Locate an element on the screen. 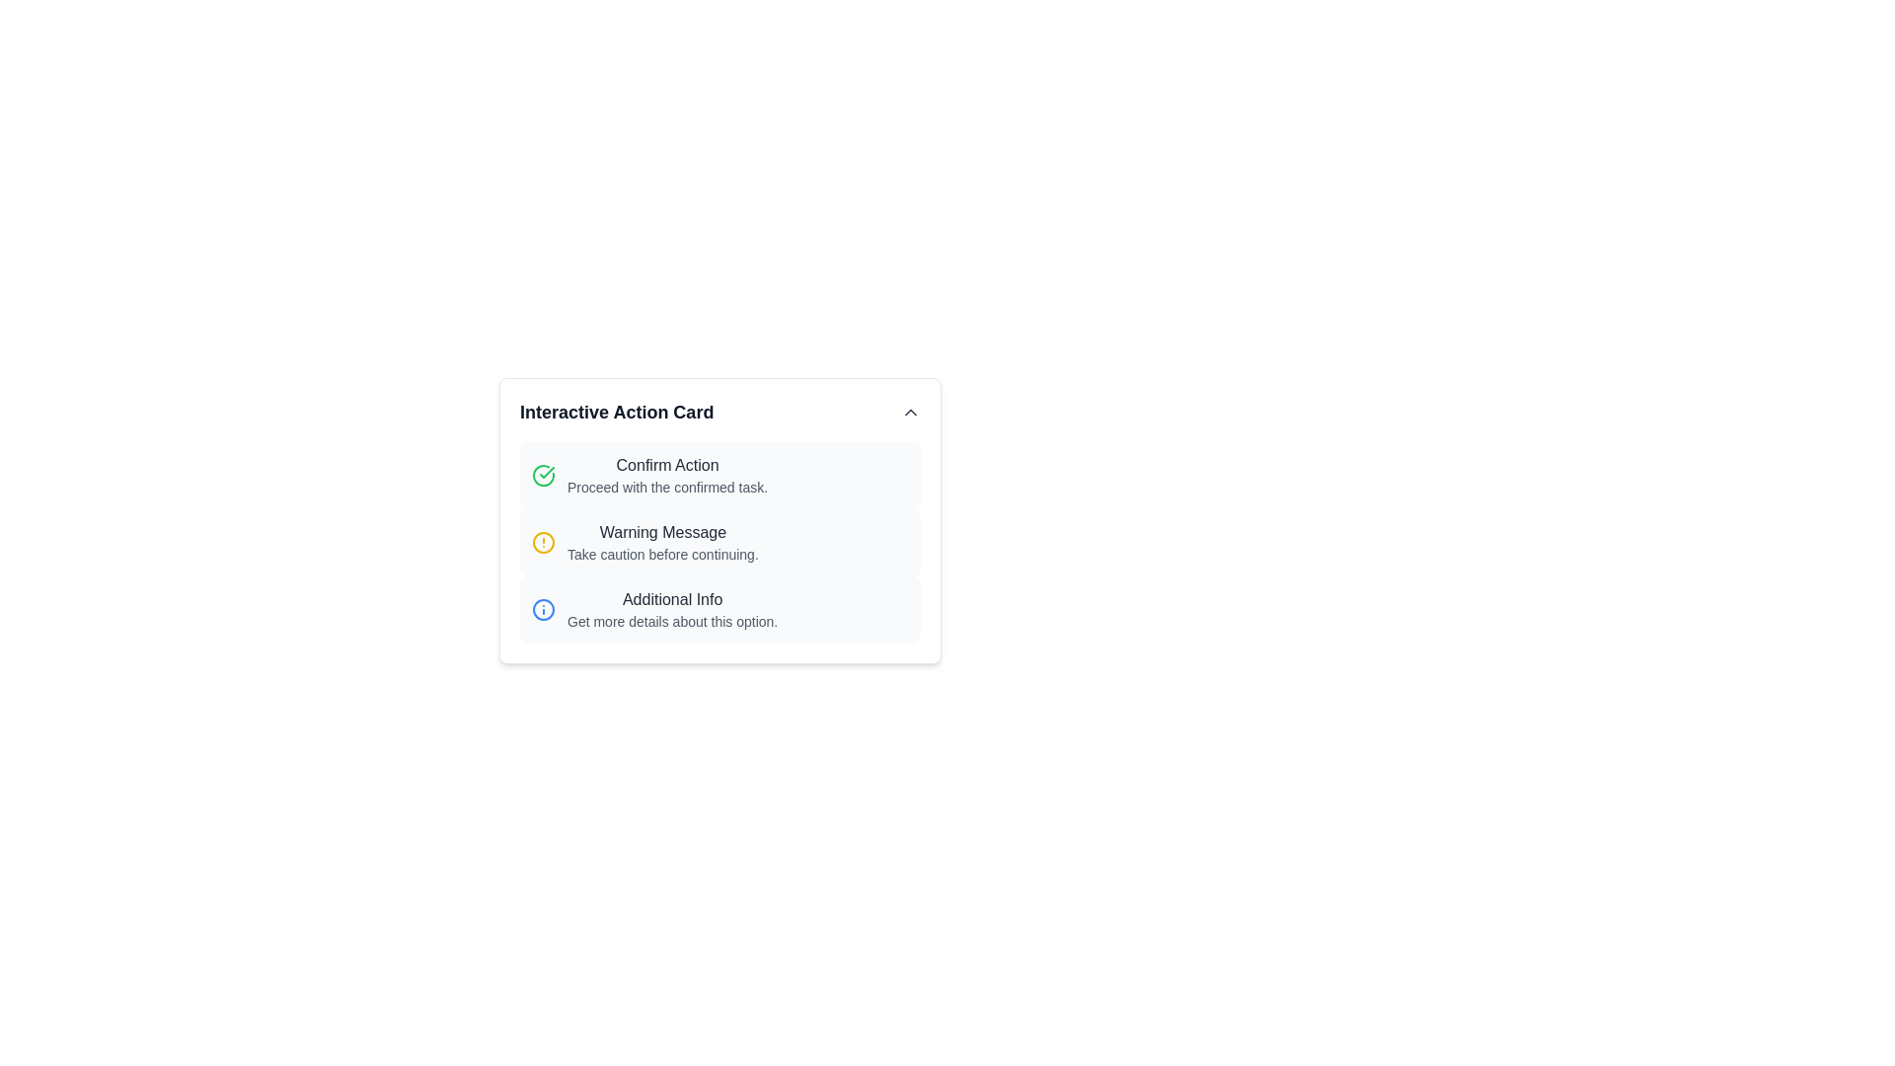 This screenshot has width=1895, height=1066. the text label displaying 'Additional Info' which is positioned at the bottom of the 'Interactive Action Card' content area, above the smaller text element and aligned to the left below the 'Warning Message.' is located at coordinates (672, 599).